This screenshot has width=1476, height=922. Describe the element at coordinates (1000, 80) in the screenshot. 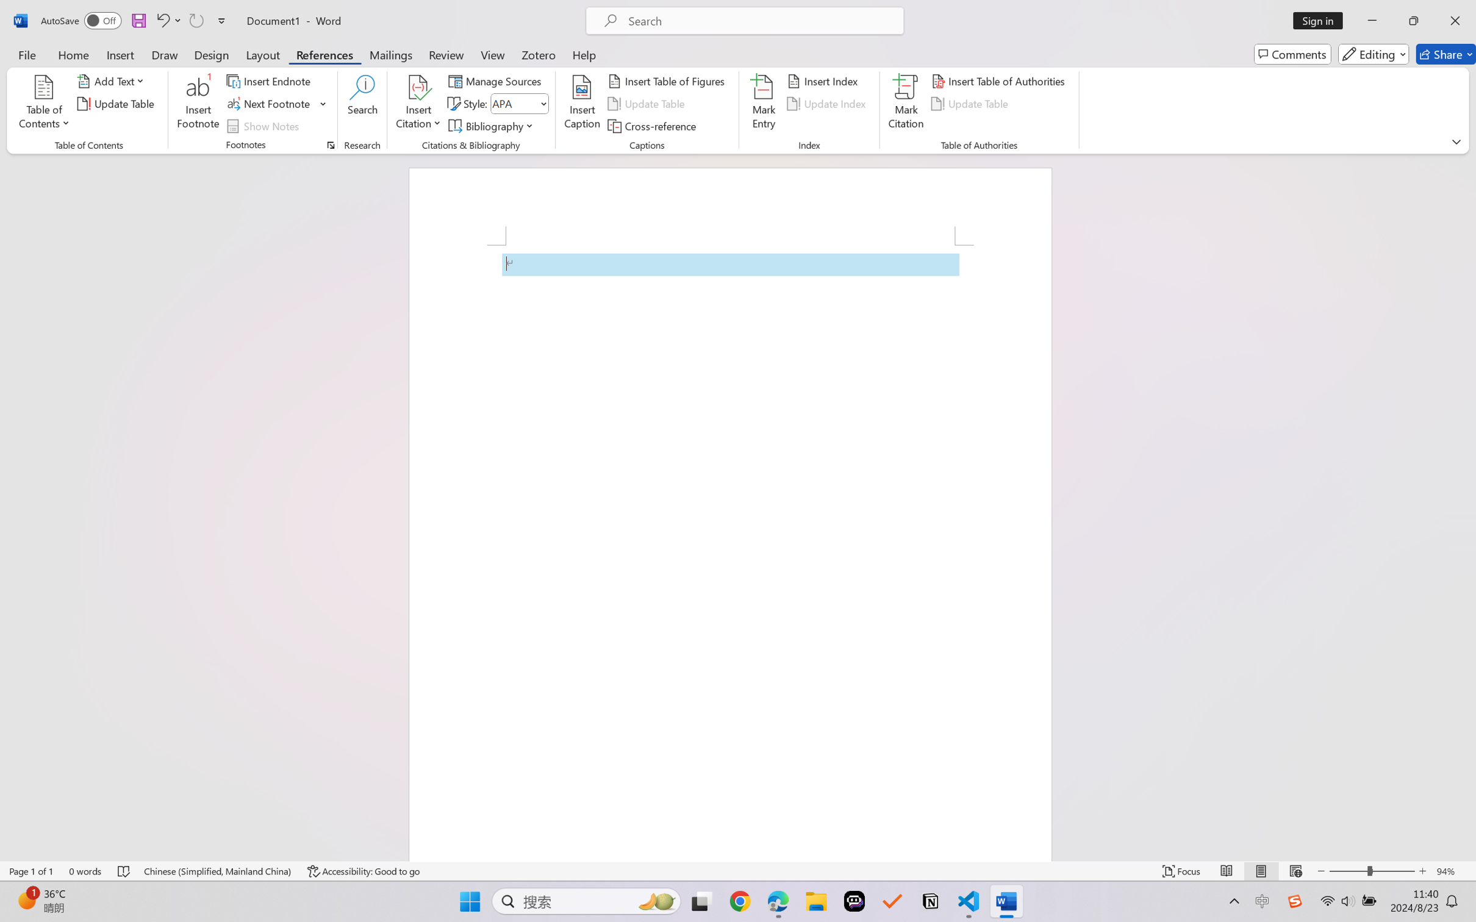

I see `'Insert Table of Authorities...'` at that location.